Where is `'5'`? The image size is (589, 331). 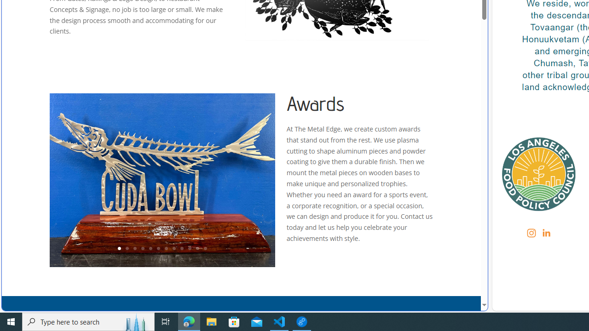
'5' is located at coordinates (150, 249).